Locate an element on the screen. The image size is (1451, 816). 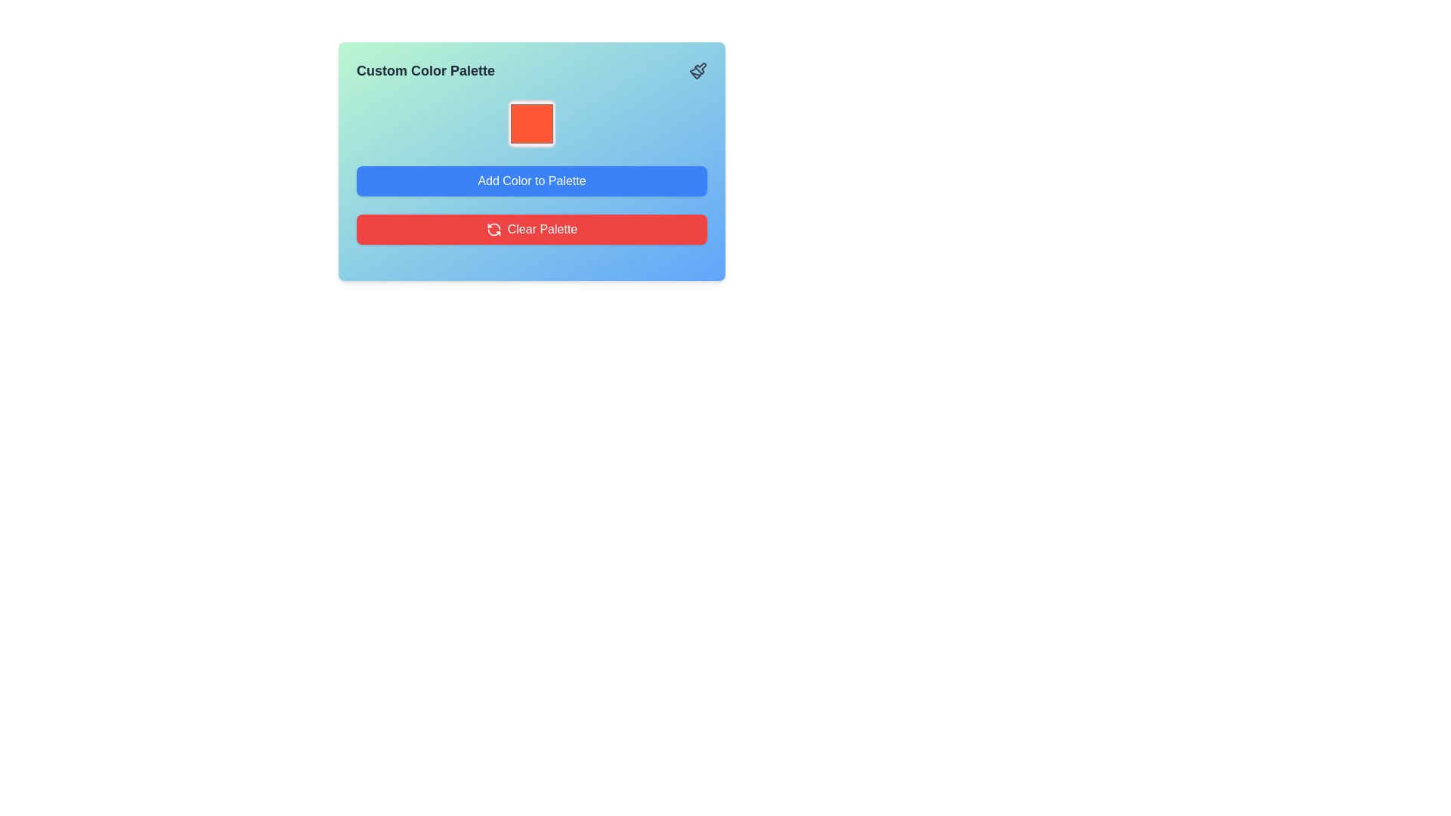
the circular arrow icon representing a refresh action within the 'Clear Palette' button is located at coordinates (493, 230).